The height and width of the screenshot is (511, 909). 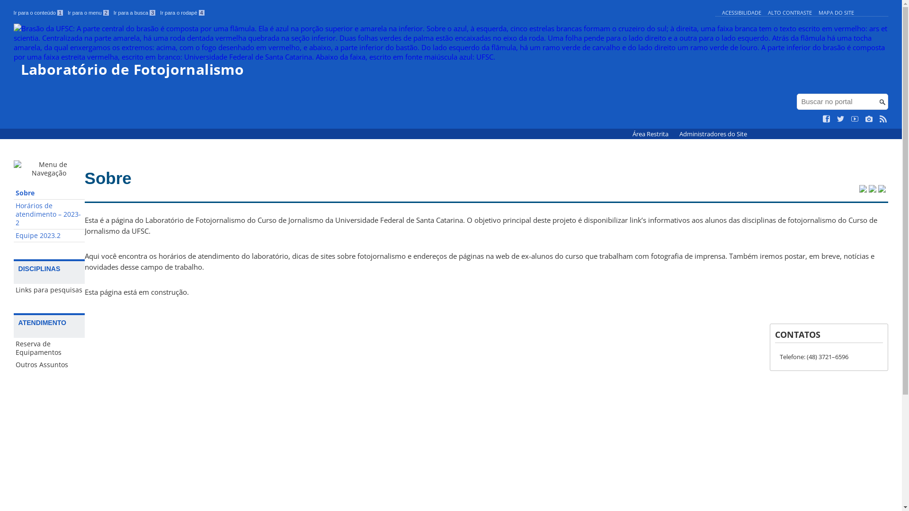 What do you see at coordinates (674, 134) in the screenshot?
I see `'Administradores do Site'` at bounding box center [674, 134].